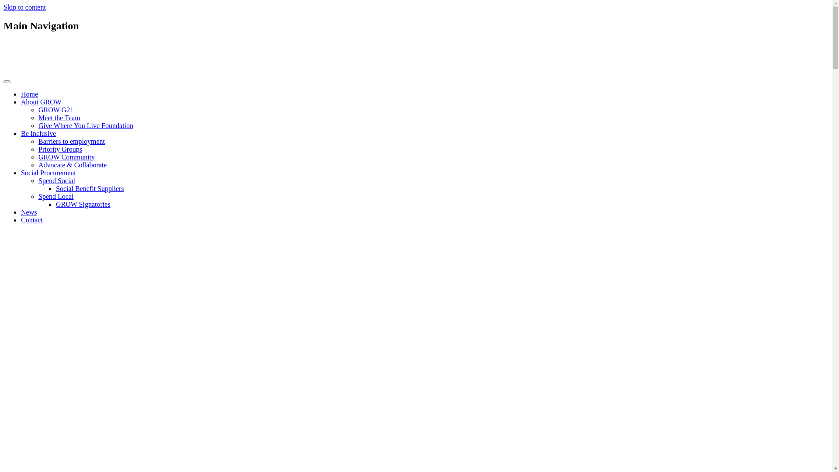 This screenshot has width=839, height=472. I want to click on 'GROW Signatories', so click(55, 204).